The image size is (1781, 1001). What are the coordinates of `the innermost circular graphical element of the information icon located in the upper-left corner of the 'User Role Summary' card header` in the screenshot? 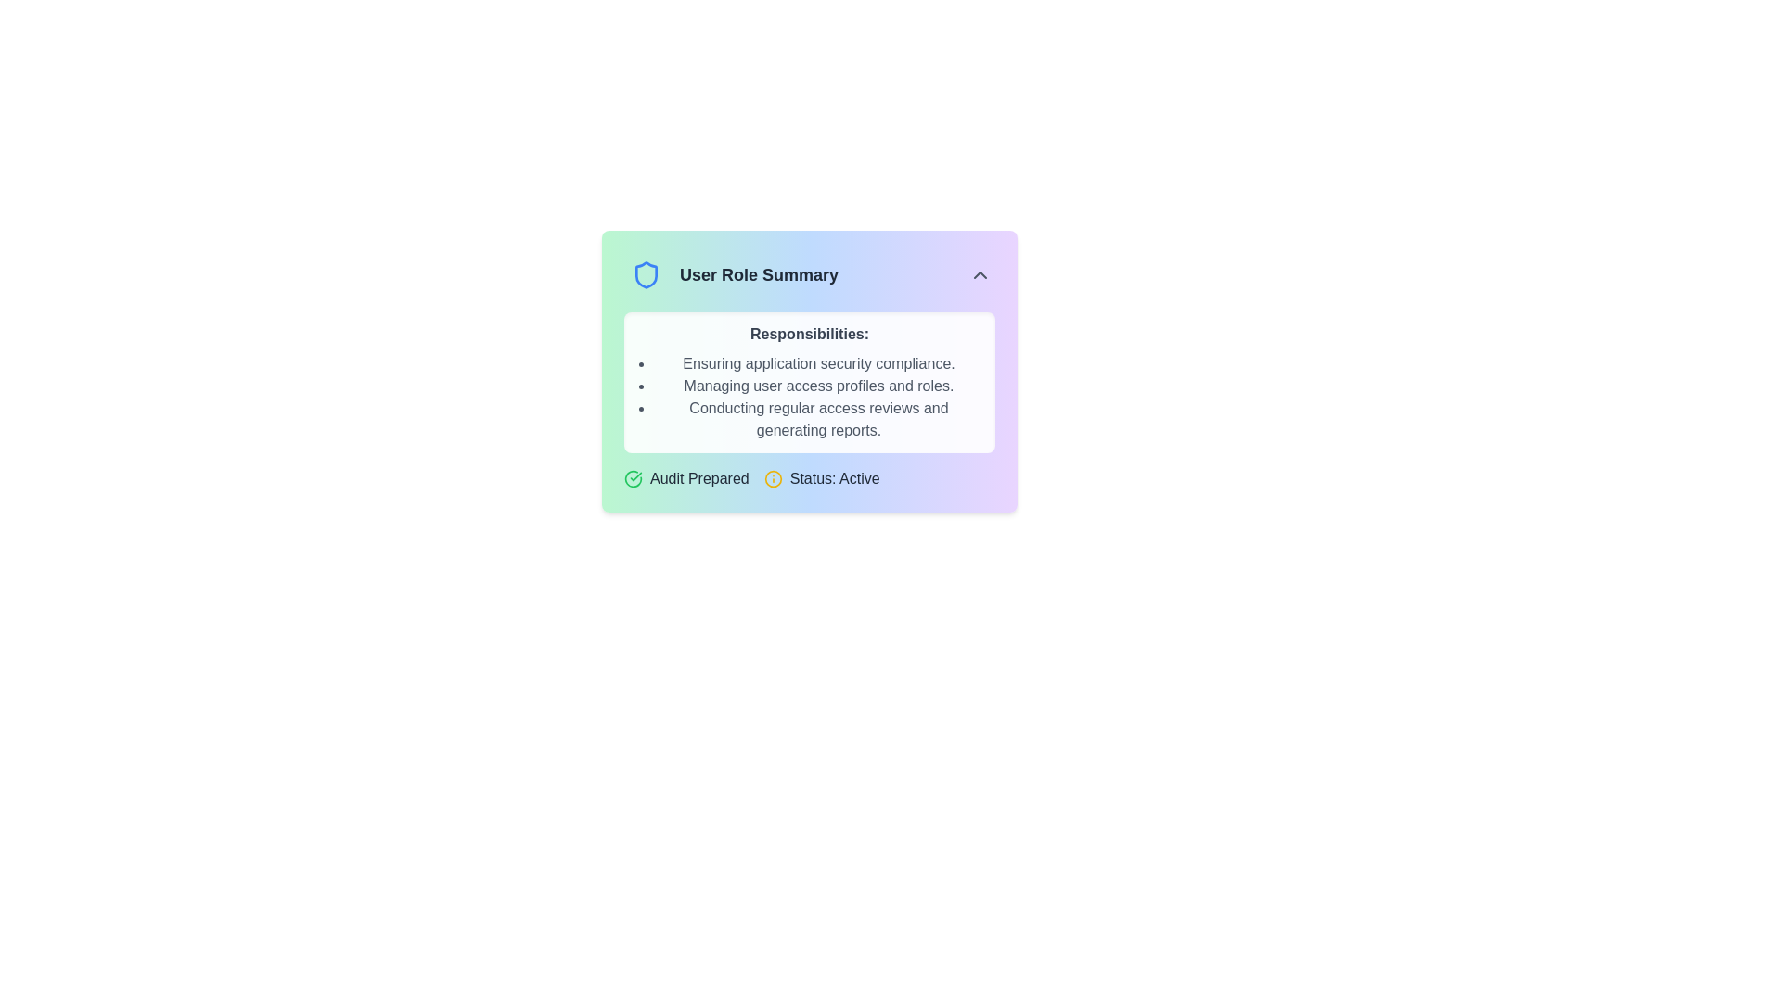 It's located at (773, 477).